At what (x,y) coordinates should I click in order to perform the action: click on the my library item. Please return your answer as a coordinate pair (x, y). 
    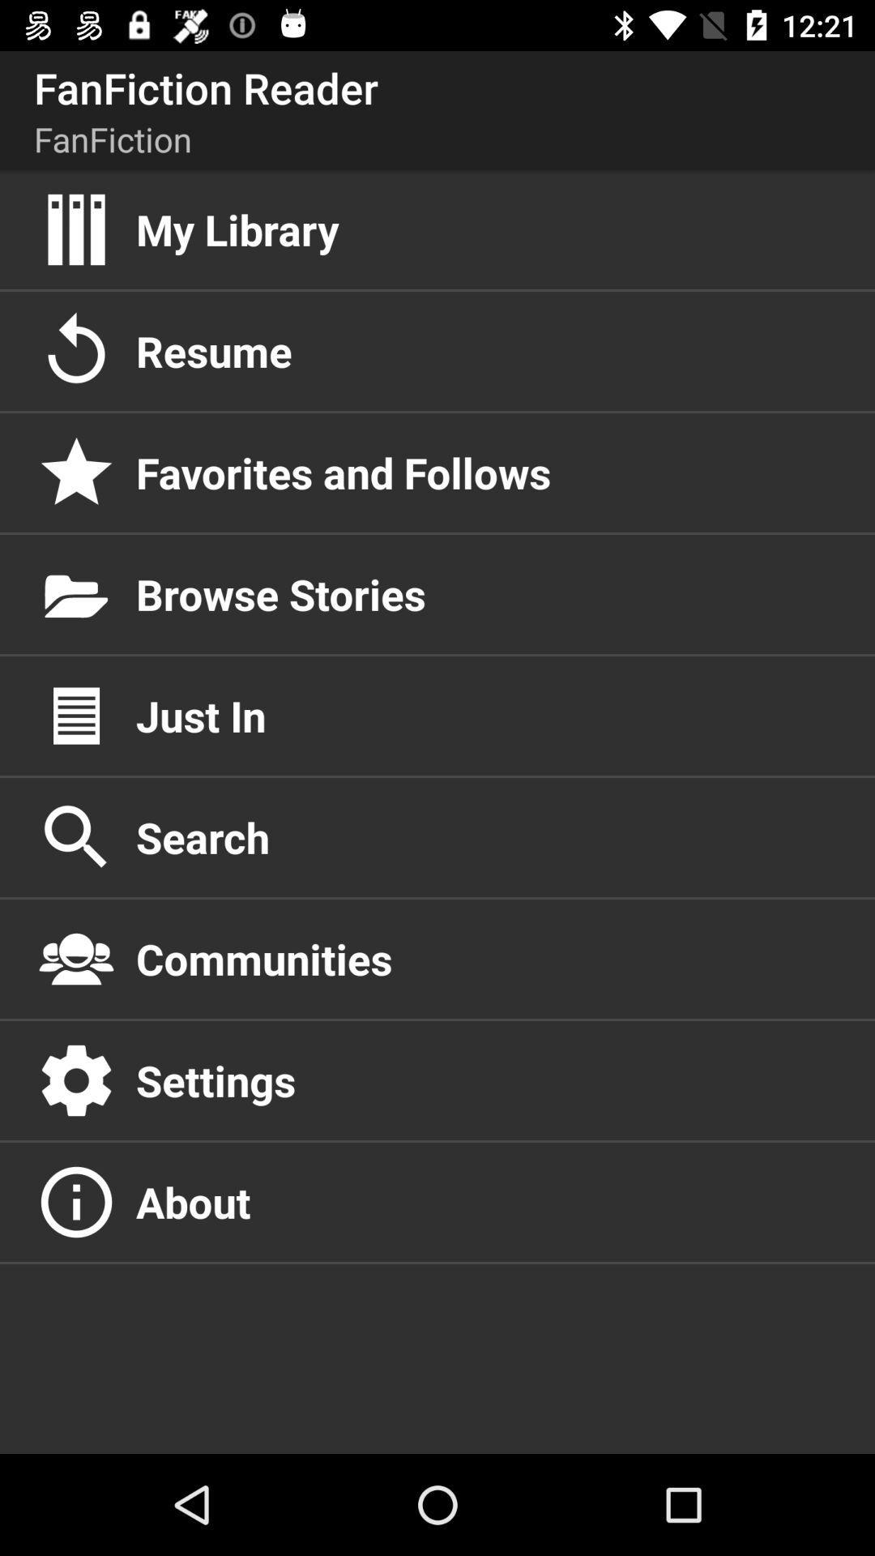
    Looking at the image, I should click on (487, 229).